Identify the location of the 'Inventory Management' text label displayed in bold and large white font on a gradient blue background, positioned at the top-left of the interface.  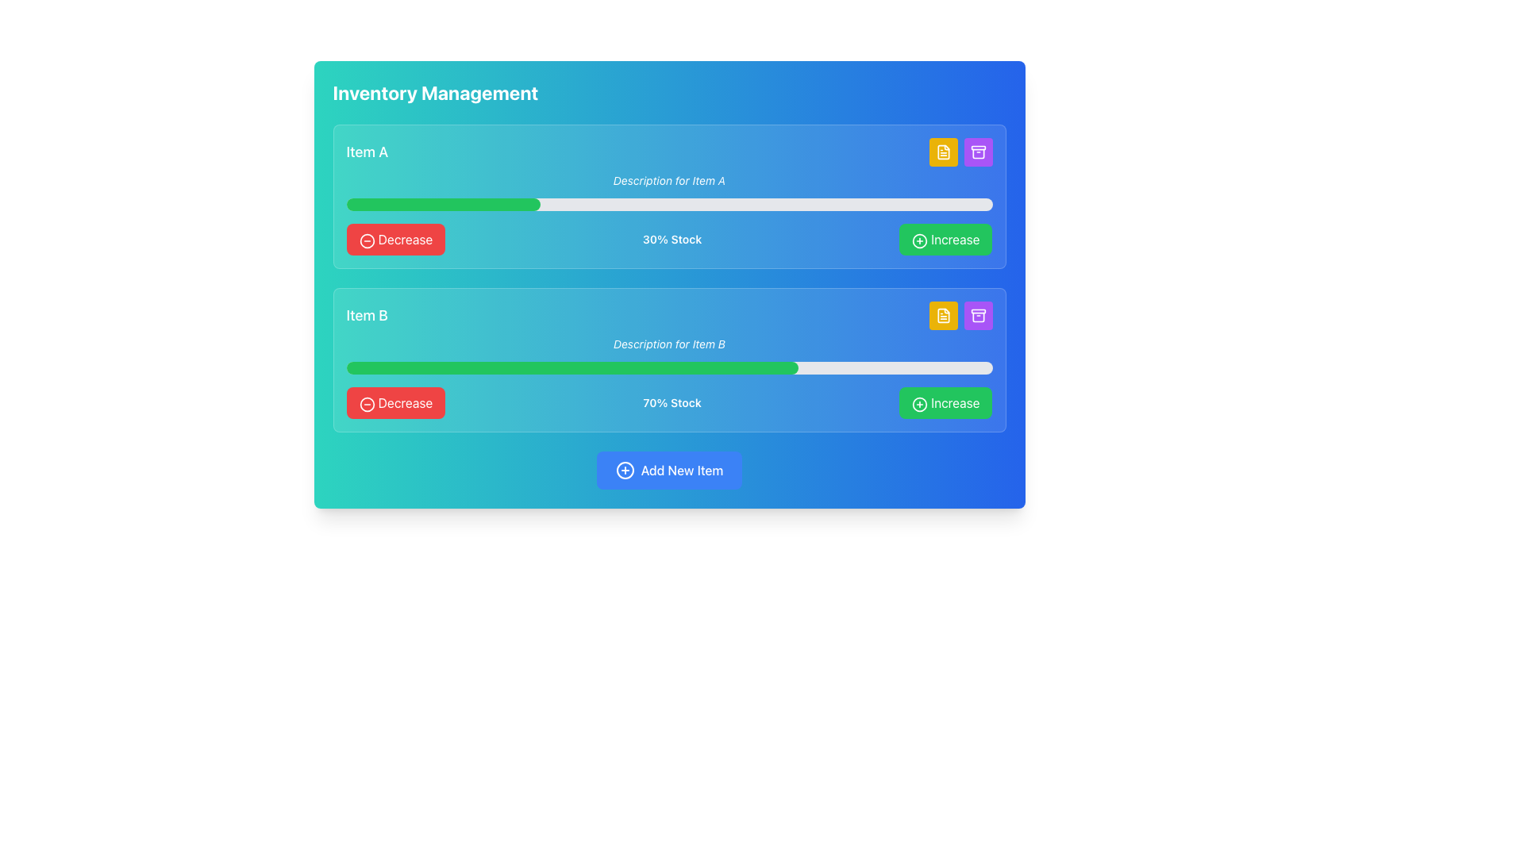
(435, 92).